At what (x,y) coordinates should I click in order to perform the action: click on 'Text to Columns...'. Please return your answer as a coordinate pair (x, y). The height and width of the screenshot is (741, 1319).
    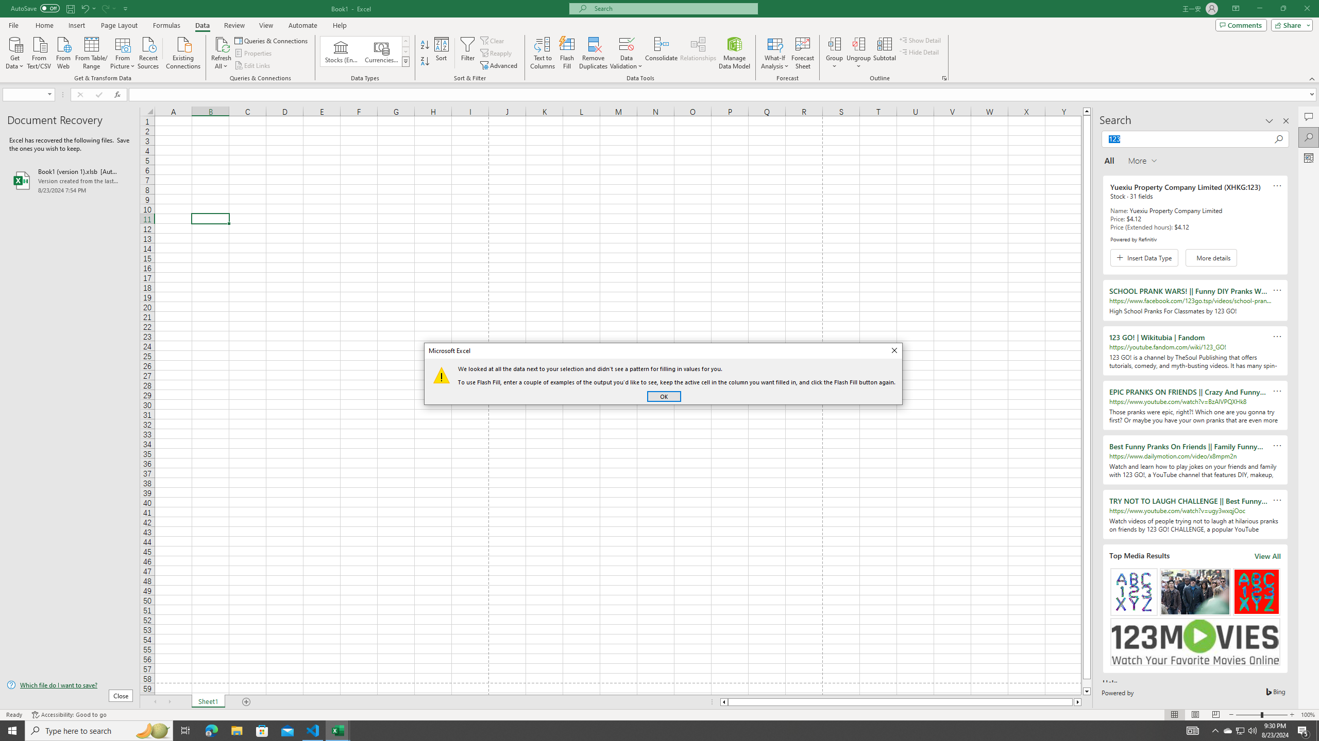
    Looking at the image, I should click on (542, 53).